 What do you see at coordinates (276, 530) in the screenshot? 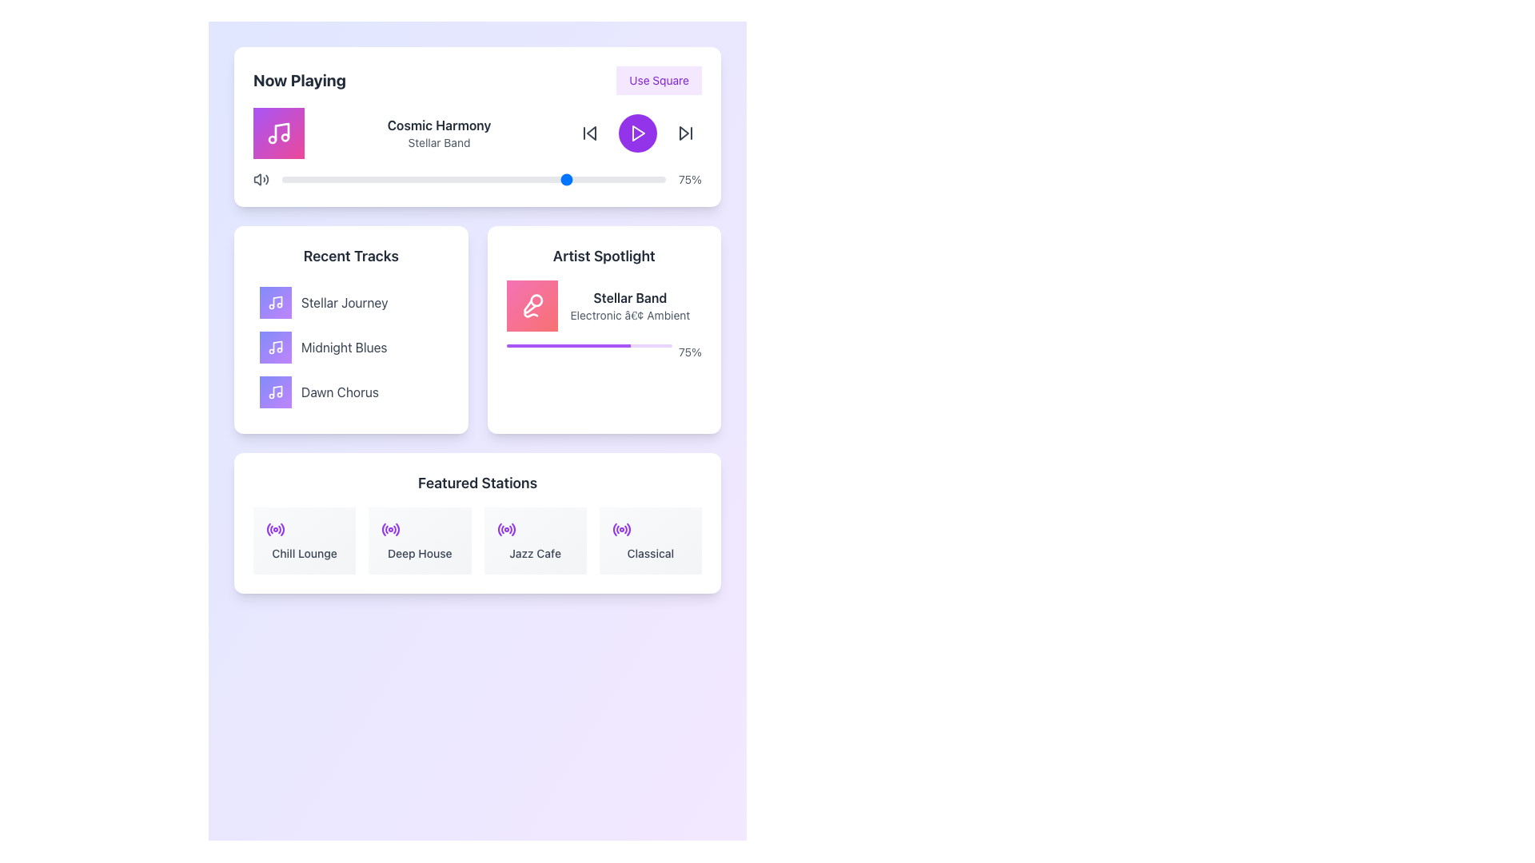
I see `the circular purple radio signal icon with concentric waves located in the 'Featured Stations' section of the 'Chill Lounge' card` at bounding box center [276, 530].